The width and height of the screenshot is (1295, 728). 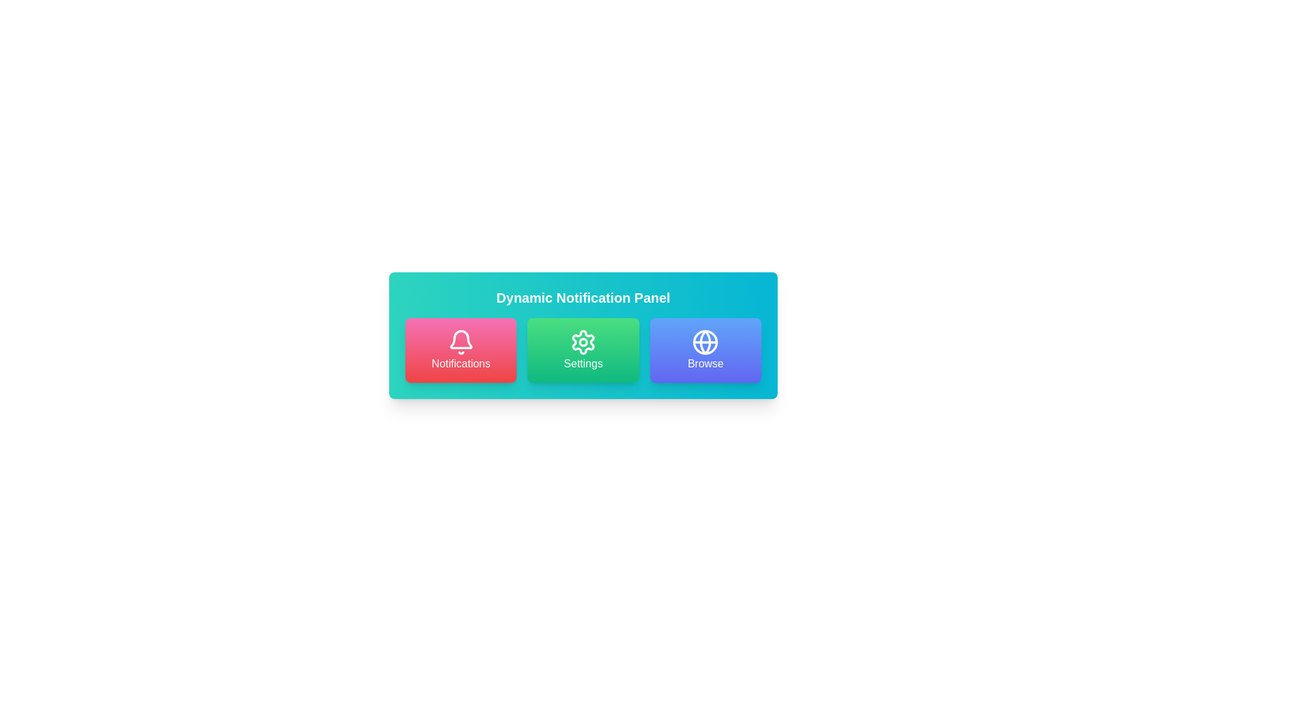 What do you see at coordinates (583, 364) in the screenshot?
I see `the 'Settings' text label, which is styled in white on a green gradient background and is located below a gear icon, indicating its association with configuration settings` at bounding box center [583, 364].